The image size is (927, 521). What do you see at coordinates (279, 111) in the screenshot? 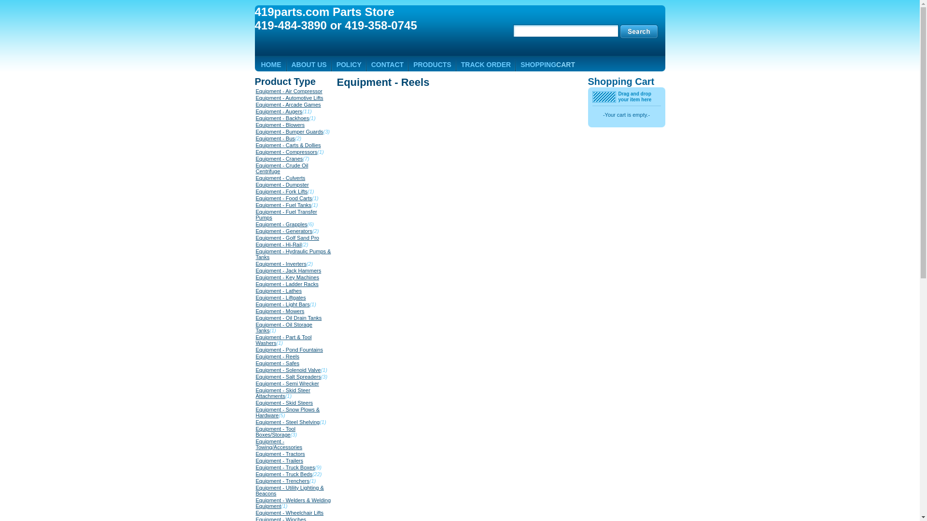
I see `'Equipment - Augers'` at bounding box center [279, 111].